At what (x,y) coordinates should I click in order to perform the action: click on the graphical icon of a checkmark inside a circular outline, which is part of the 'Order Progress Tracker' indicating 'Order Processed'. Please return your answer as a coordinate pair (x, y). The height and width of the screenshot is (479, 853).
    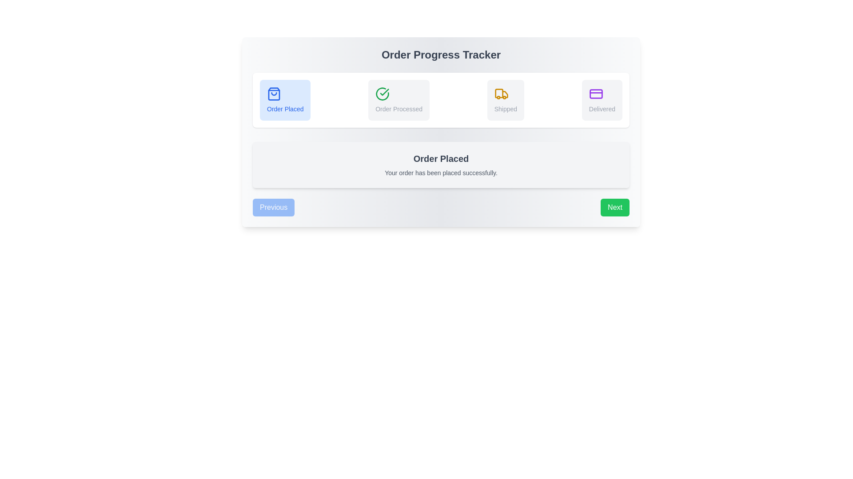
    Looking at the image, I should click on (384, 92).